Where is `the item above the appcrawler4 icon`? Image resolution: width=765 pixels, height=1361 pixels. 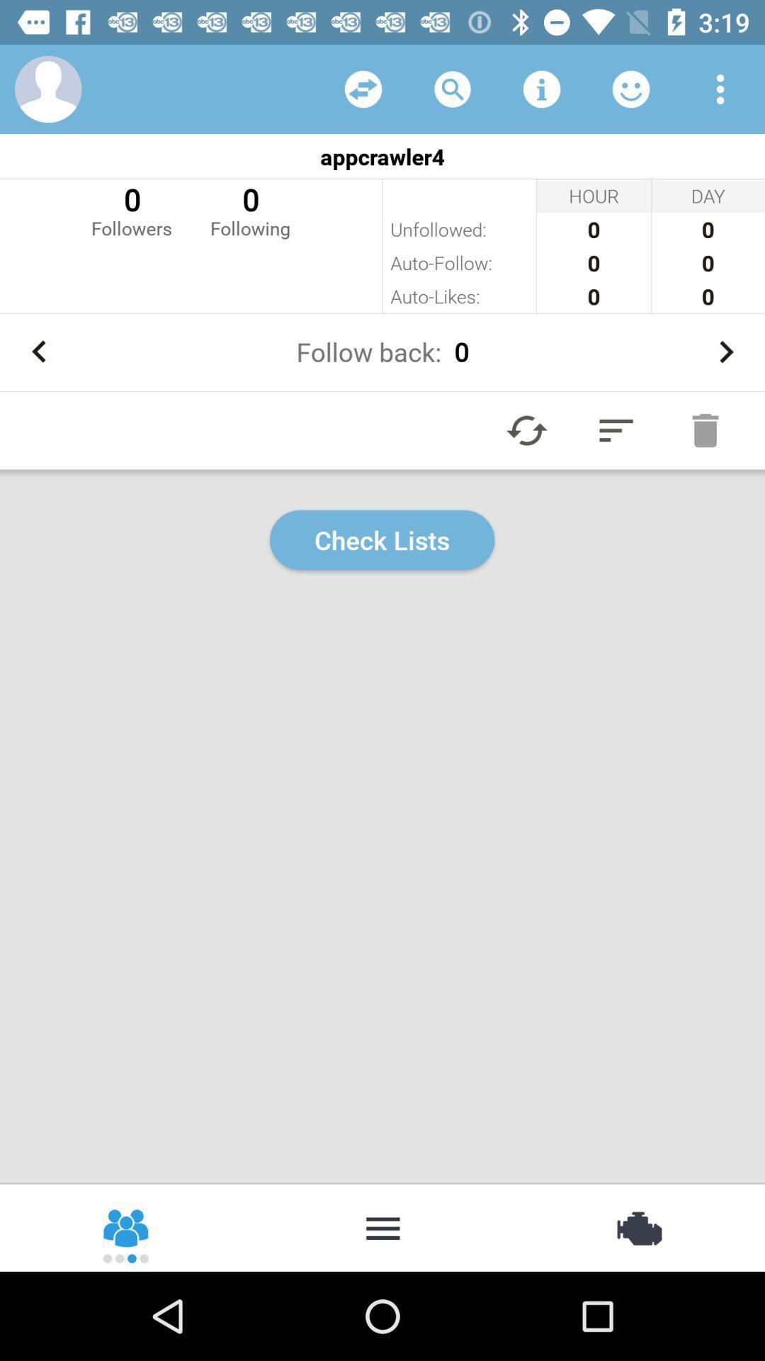 the item above the appcrawler4 icon is located at coordinates (541, 88).